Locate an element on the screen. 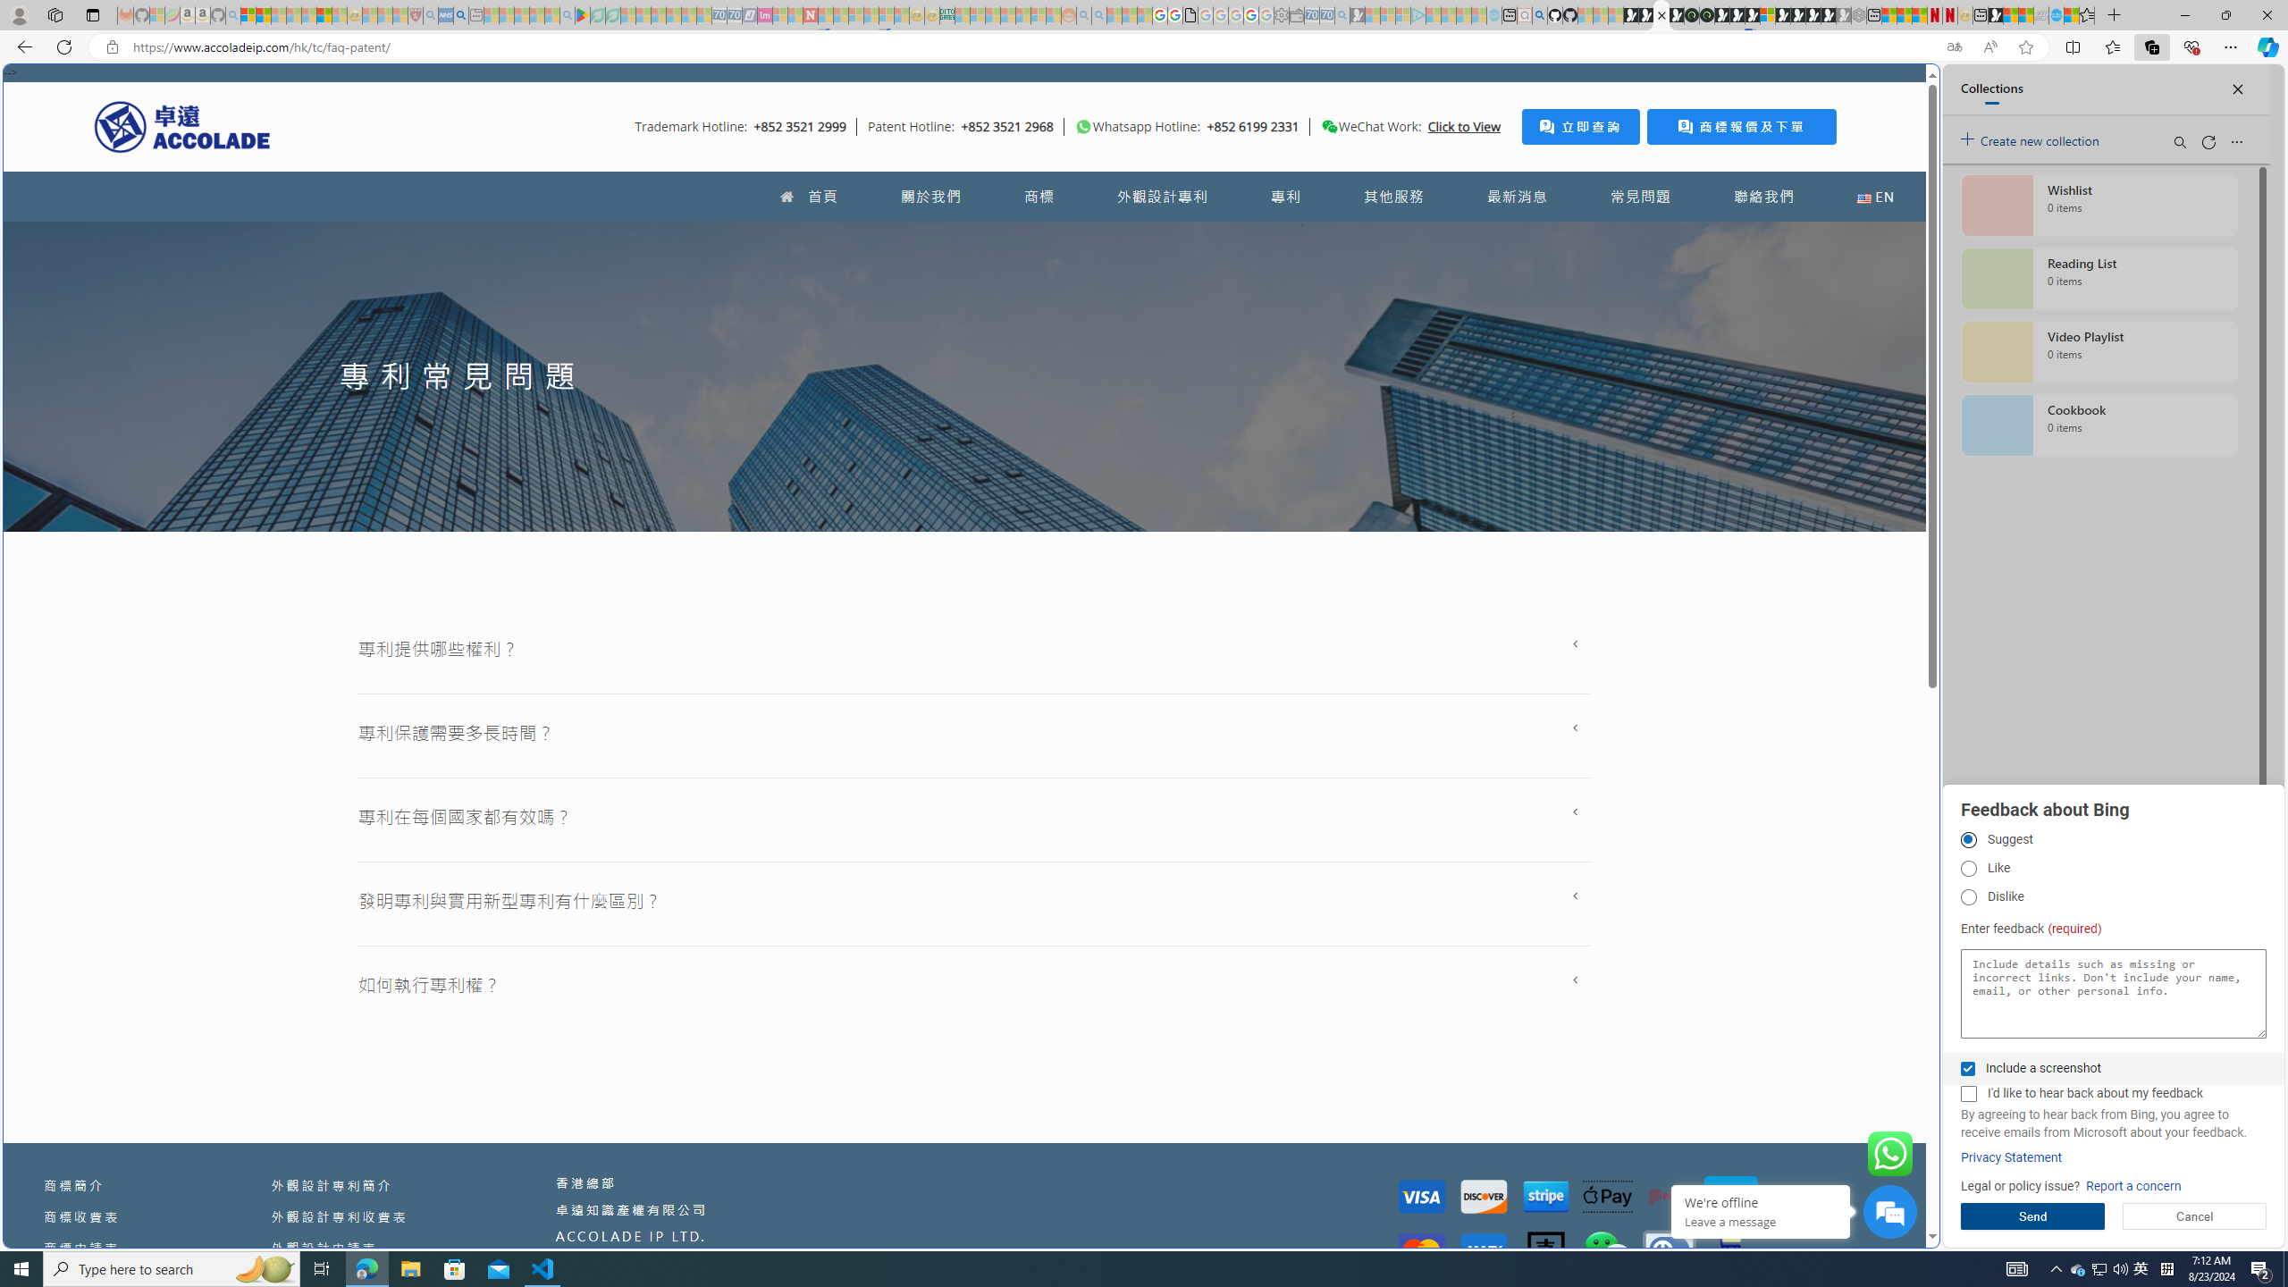 This screenshot has height=1287, width=2288. 'Close split screen' is located at coordinates (1897, 89).